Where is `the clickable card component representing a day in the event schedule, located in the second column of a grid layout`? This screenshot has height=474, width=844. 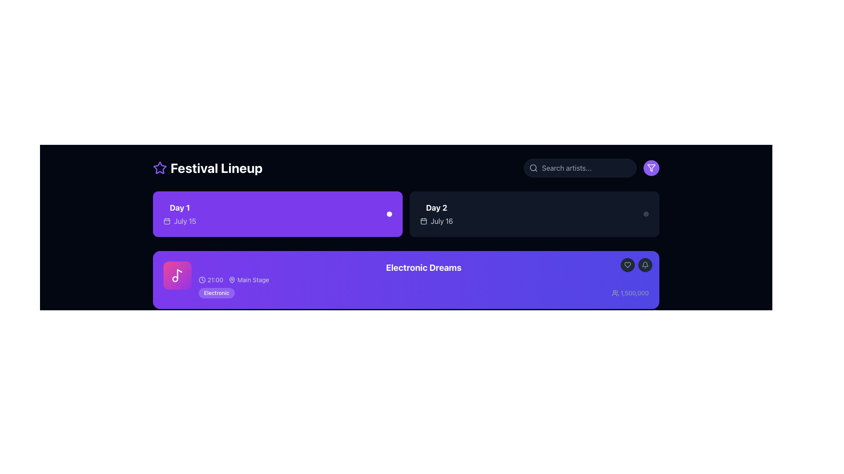
the clickable card component representing a day in the event schedule, located in the second column of a grid layout is located at coordinates (534, 214).